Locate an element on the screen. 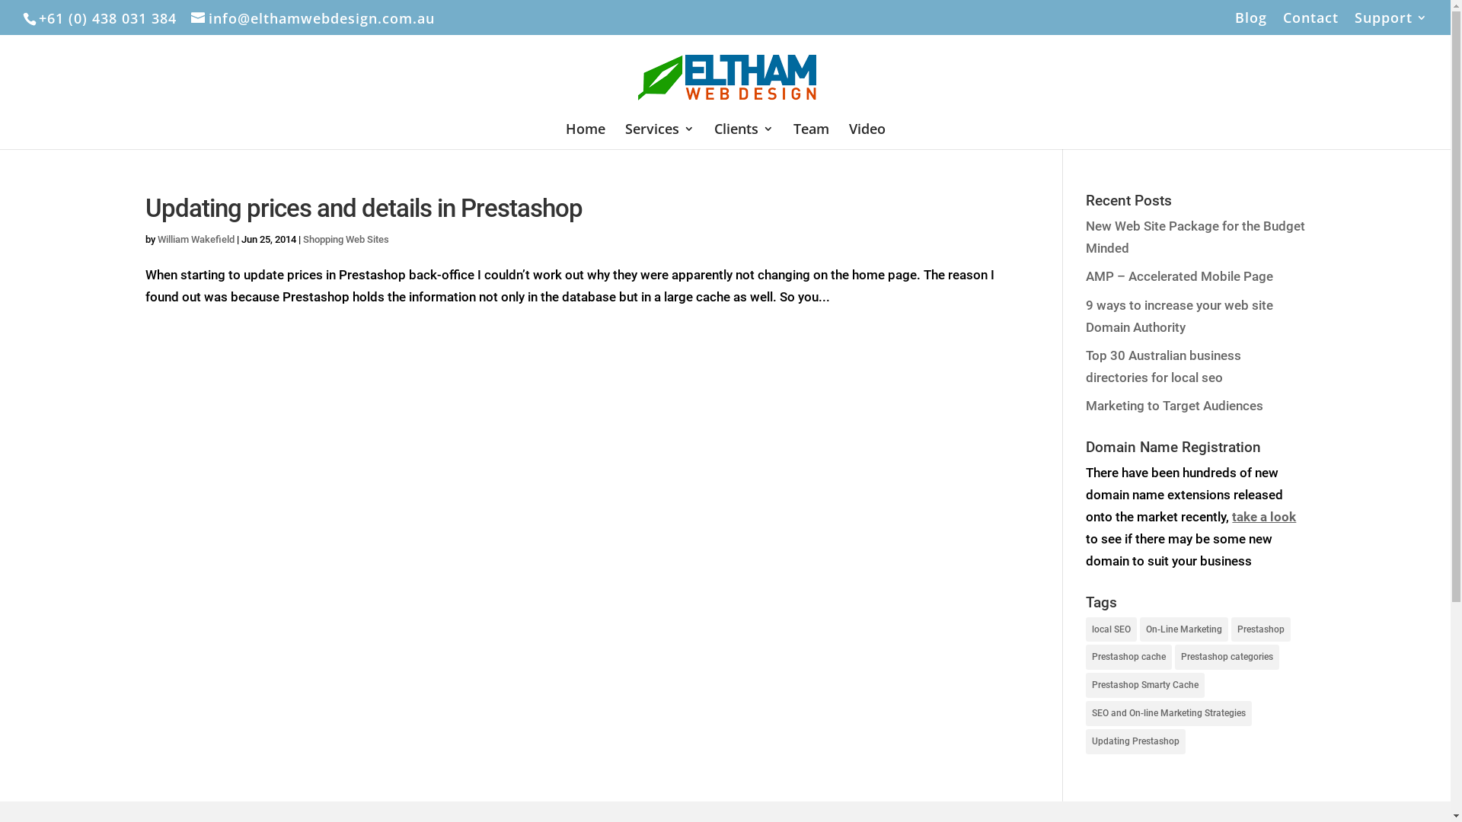 The image size is (1462, 822). 'Top 30 Australian business directories for local seo' is located at coordinates (1084, 366).